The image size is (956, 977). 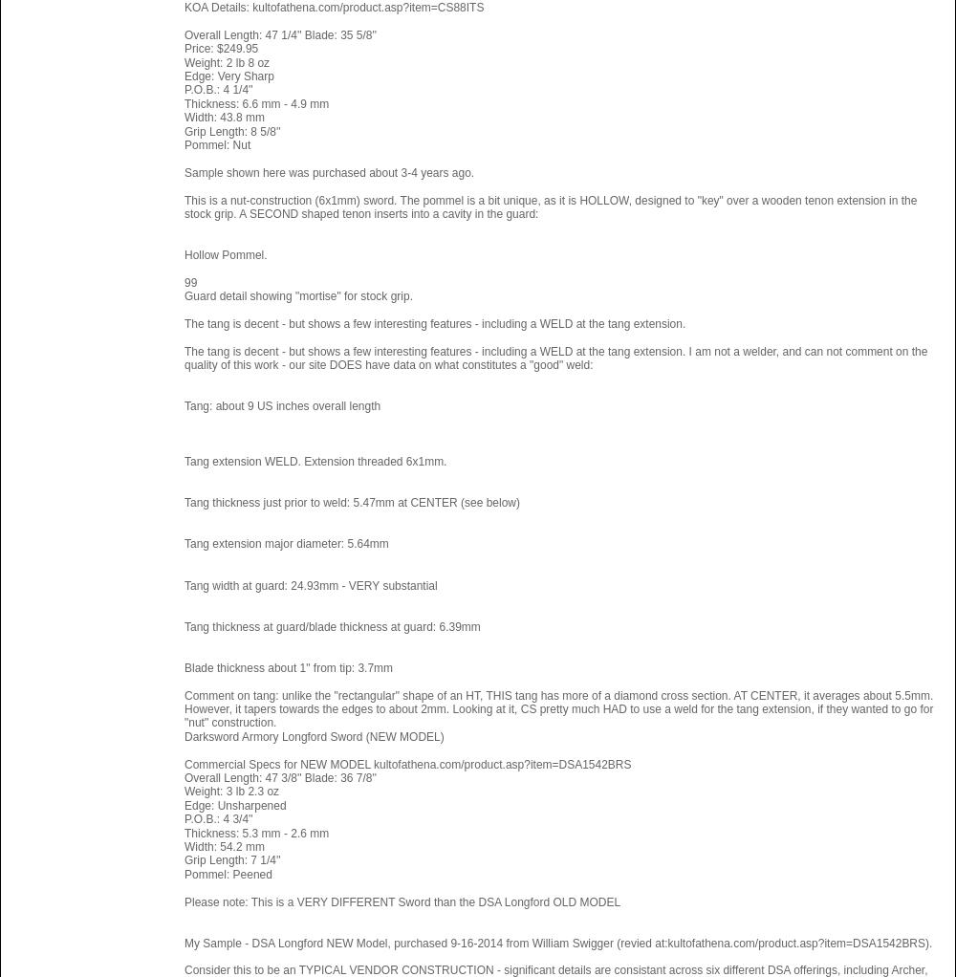 I want to click on 'Pommel: Peened', so click(x=227, y=872).